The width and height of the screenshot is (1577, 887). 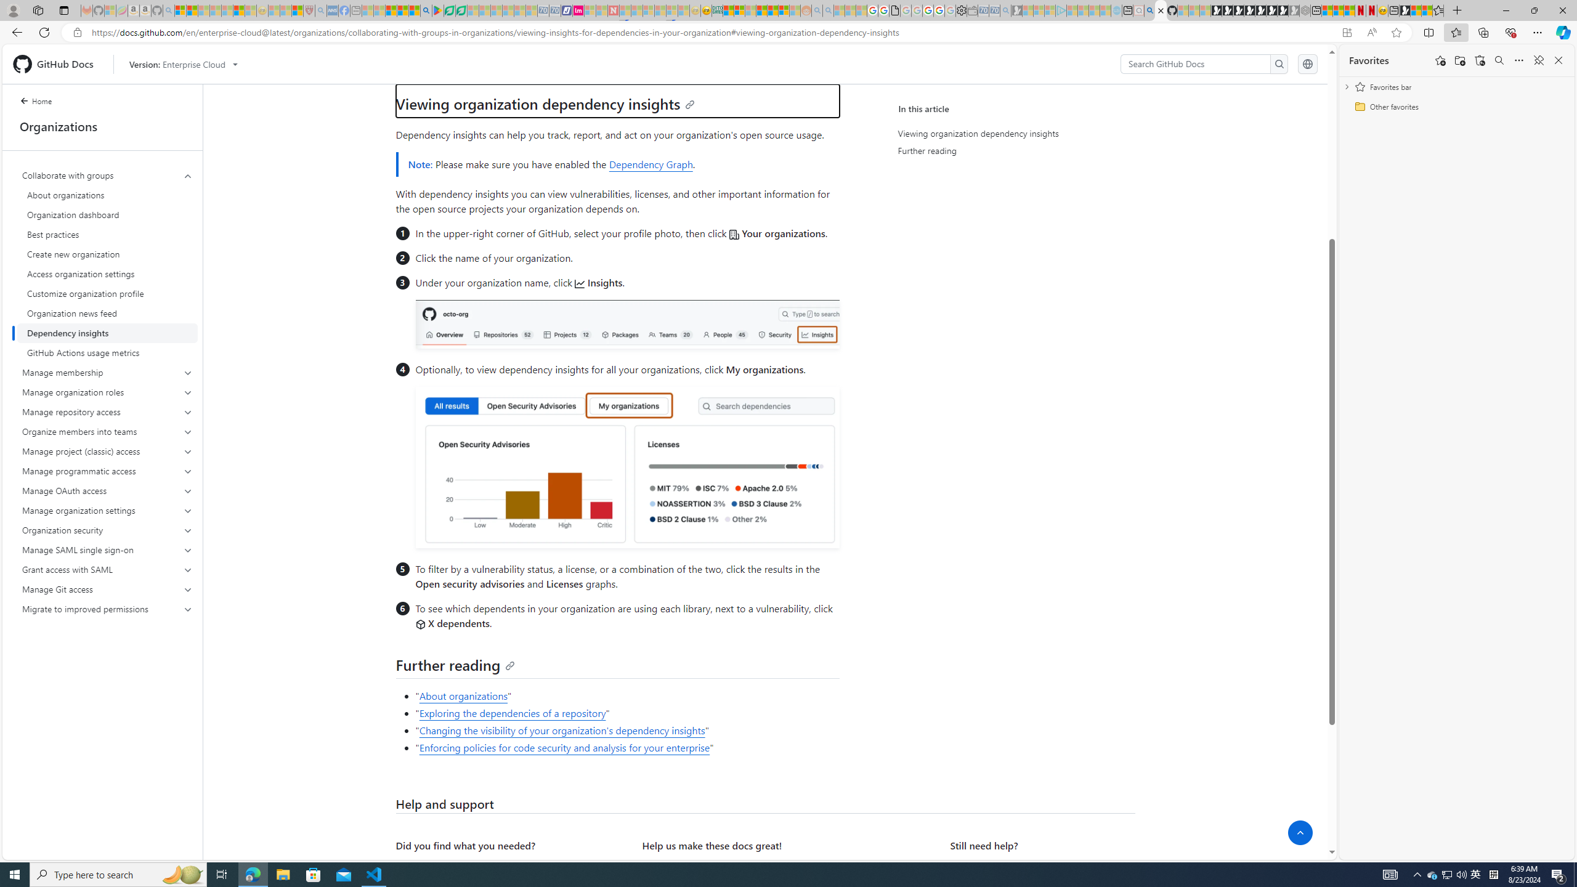 What do you see at coordinates (1440, 59) in the screenshot?
I see `'Add this page to favorites'` at bounding box center [1440, 59].